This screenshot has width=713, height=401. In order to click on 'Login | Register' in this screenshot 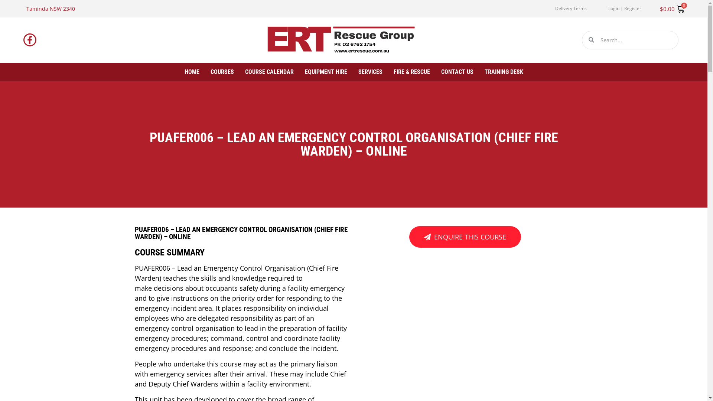, I will do `click(608, 9)`.